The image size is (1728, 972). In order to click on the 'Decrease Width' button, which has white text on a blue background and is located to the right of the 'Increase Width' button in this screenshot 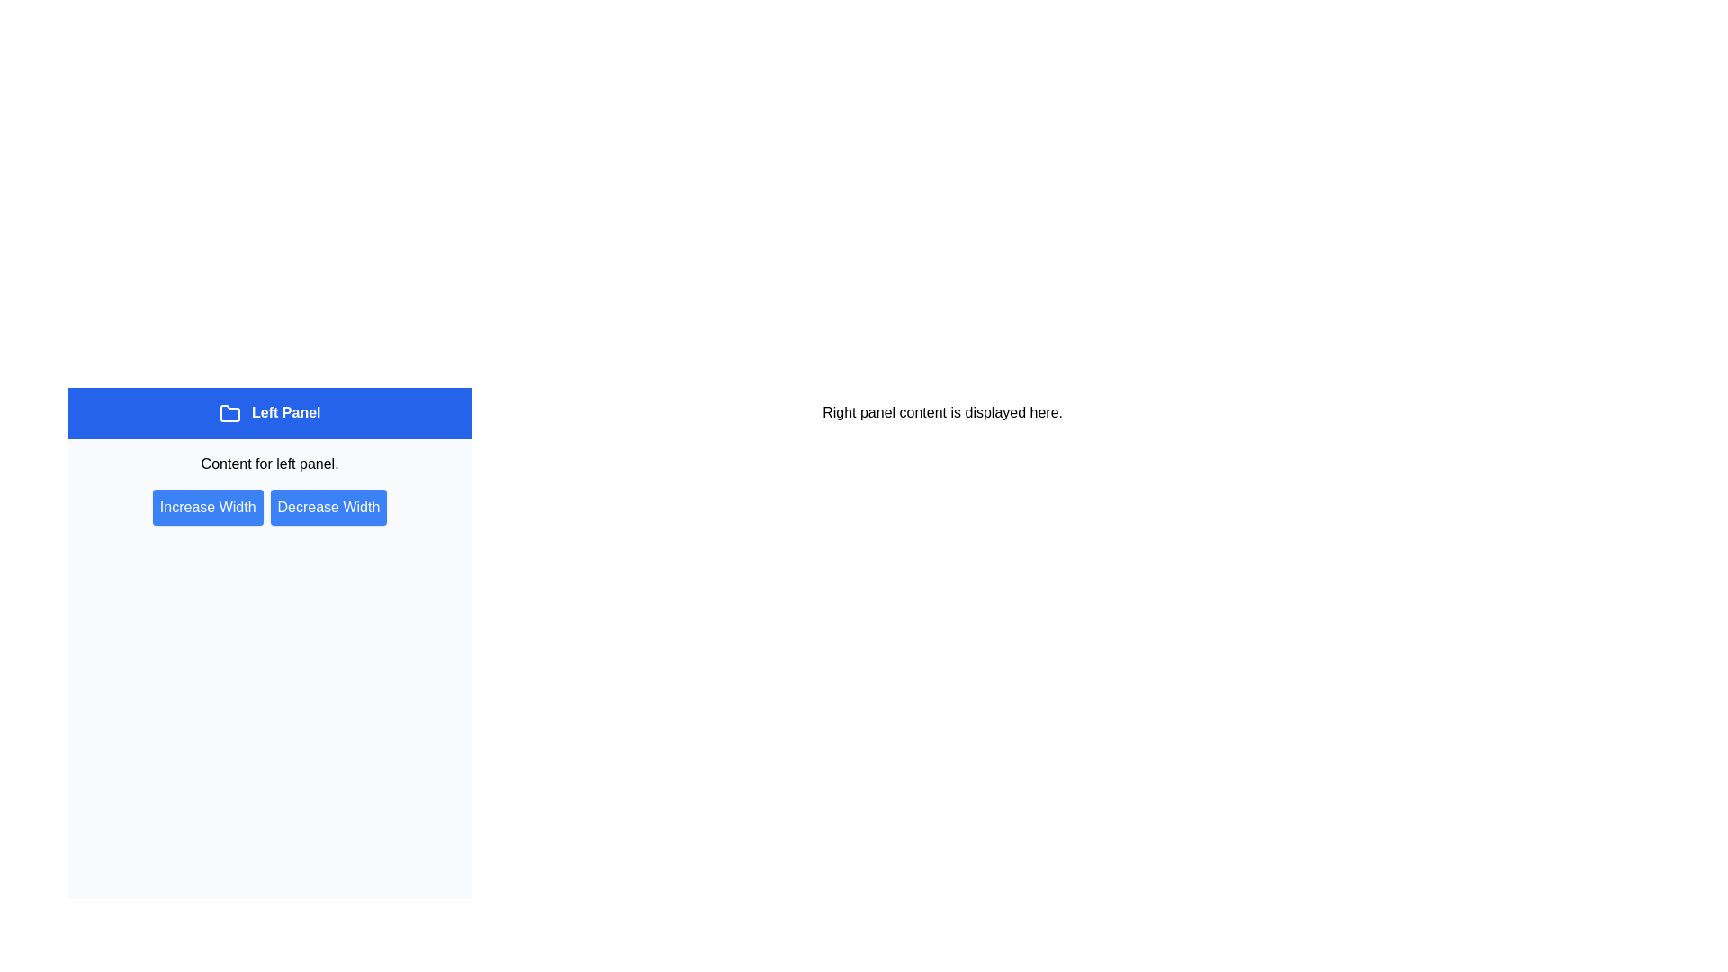, I will do `click(328, 507)`.